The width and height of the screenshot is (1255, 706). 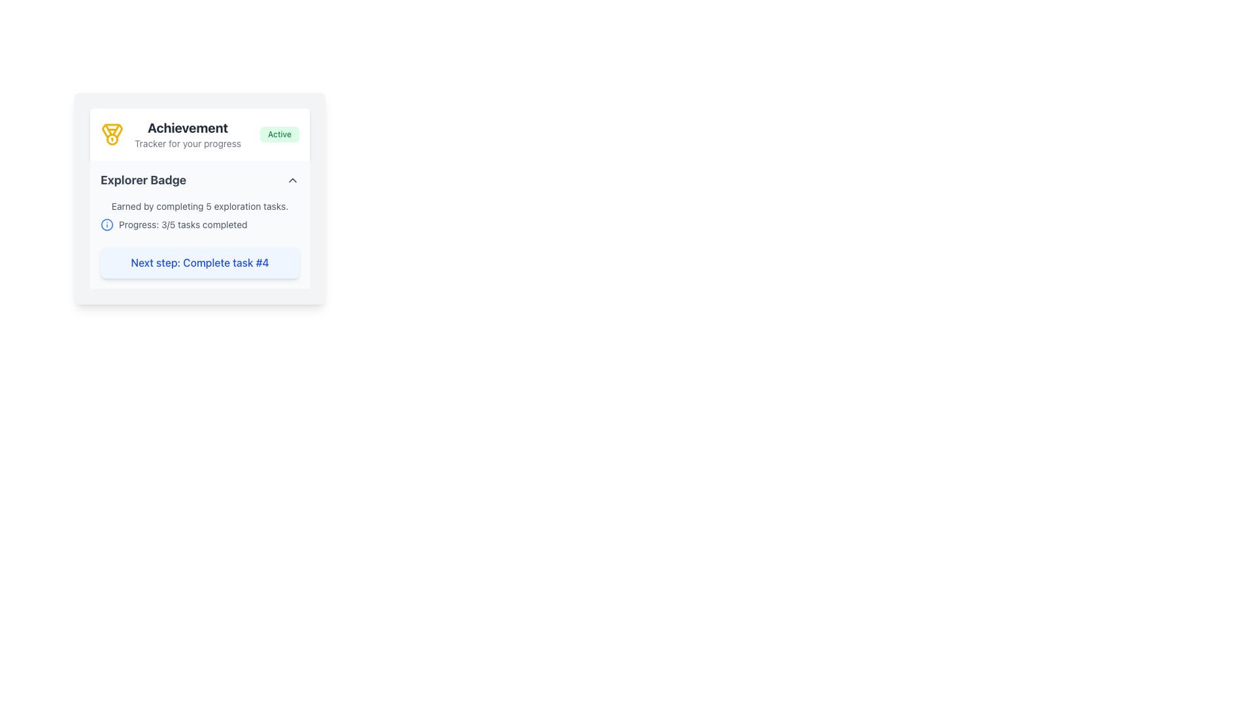 I want to click on the Status Indicator Badge located in the top-right corner of the 'Achievement' card, which indicates that the corresponding item is active, so click(x=278, y=134).